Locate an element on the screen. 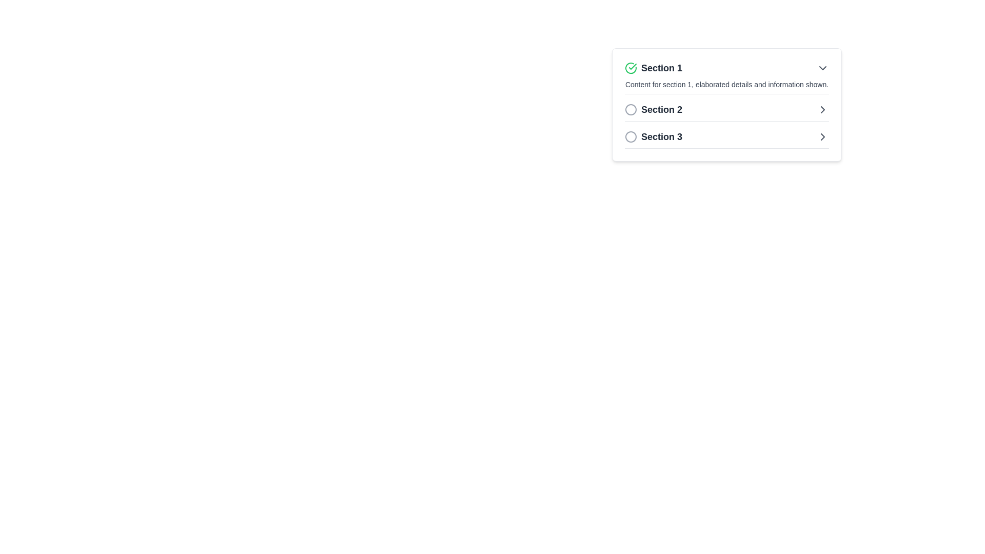  the button styled as a list item labeled 'Section 3' is located at coordinates (726, 136).